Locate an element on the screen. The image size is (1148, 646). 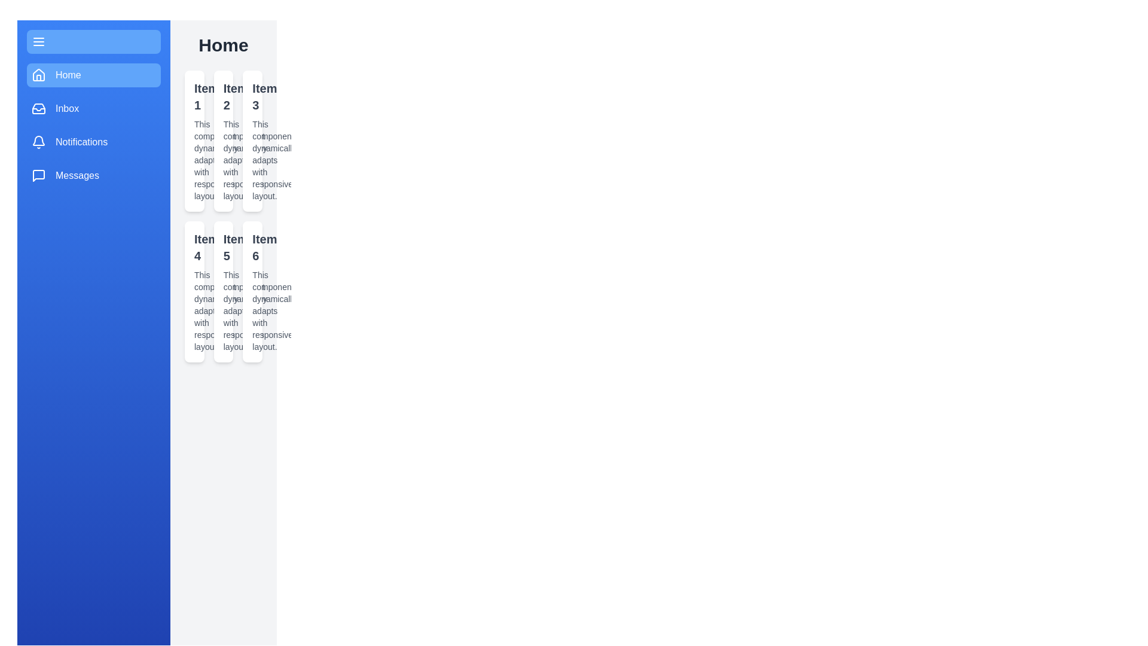
the House symbol icon located in the vertical sidebar is located at coordinates (39, 75).